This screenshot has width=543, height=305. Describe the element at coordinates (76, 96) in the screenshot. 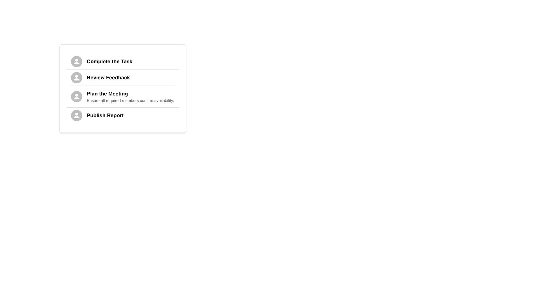

I see `the avatar icon representing the task 'Plan the Meeting', which is the third list item in the organized task list, located to the left of the title` at that location.